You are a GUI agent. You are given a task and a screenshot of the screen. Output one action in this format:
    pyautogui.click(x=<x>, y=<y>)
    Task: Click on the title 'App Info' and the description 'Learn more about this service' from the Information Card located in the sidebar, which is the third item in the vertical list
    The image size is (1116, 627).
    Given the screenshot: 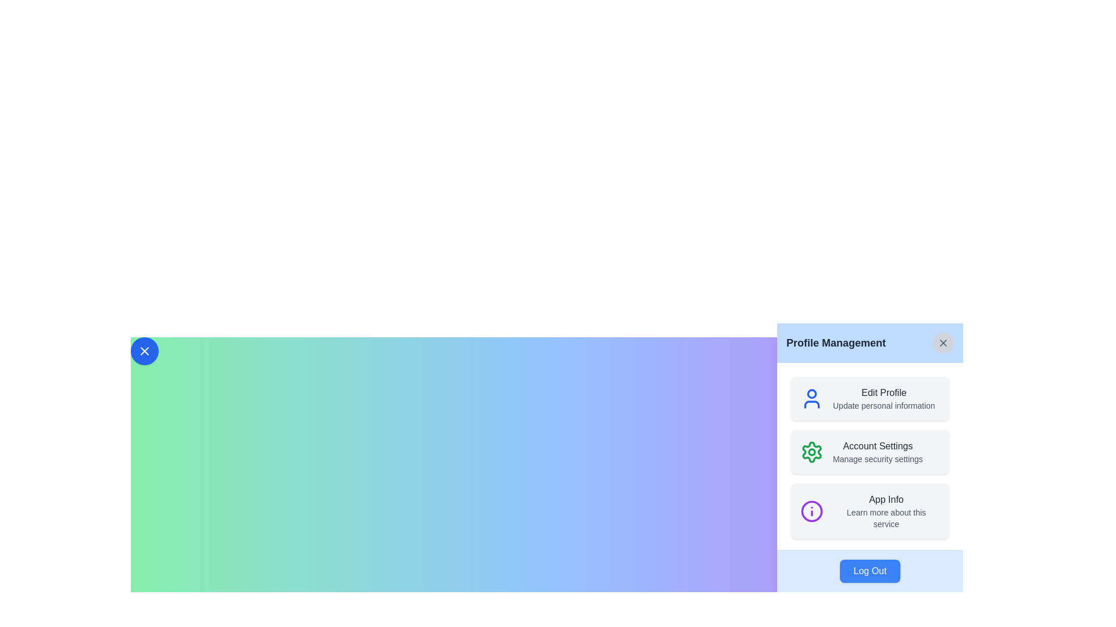 What is the action you would take?
    pyautogui.click(x=870, y=510)
    